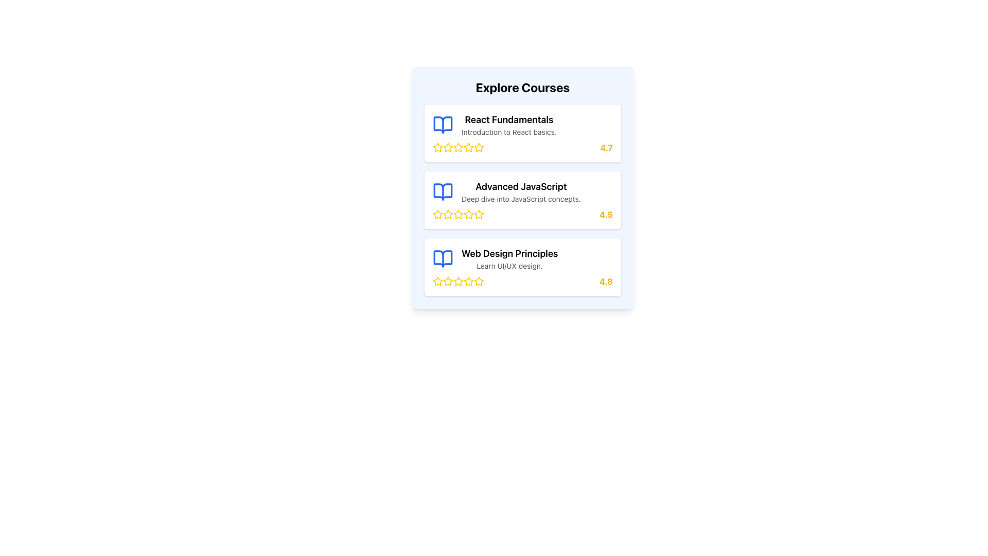 This screenshot has width=988, height=556. What do you see at coordinates (479, 147) in the screenshot?
I see `the star icon with a yellow border and transparent center that signifies the rating for the course titled 'React Fundamentals', positioned in the first course item under the 'Explore Courses' section` at bounding box center [479, 147].